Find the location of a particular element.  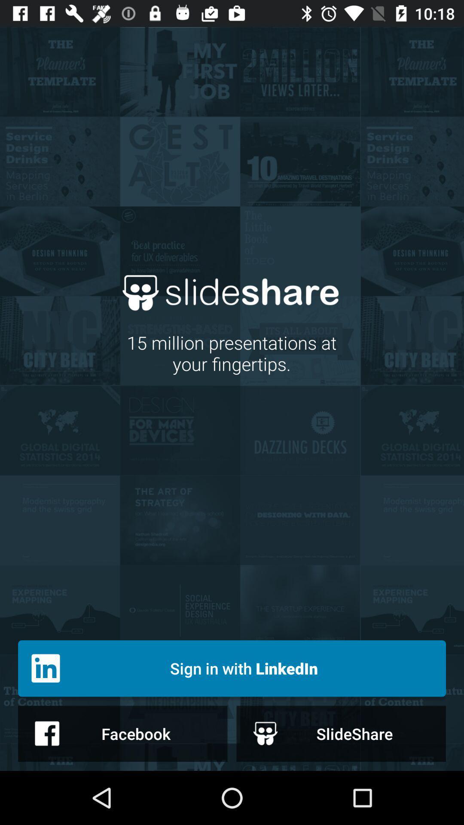

the icon at the bottom right corner is located at coordinates (341, 733).